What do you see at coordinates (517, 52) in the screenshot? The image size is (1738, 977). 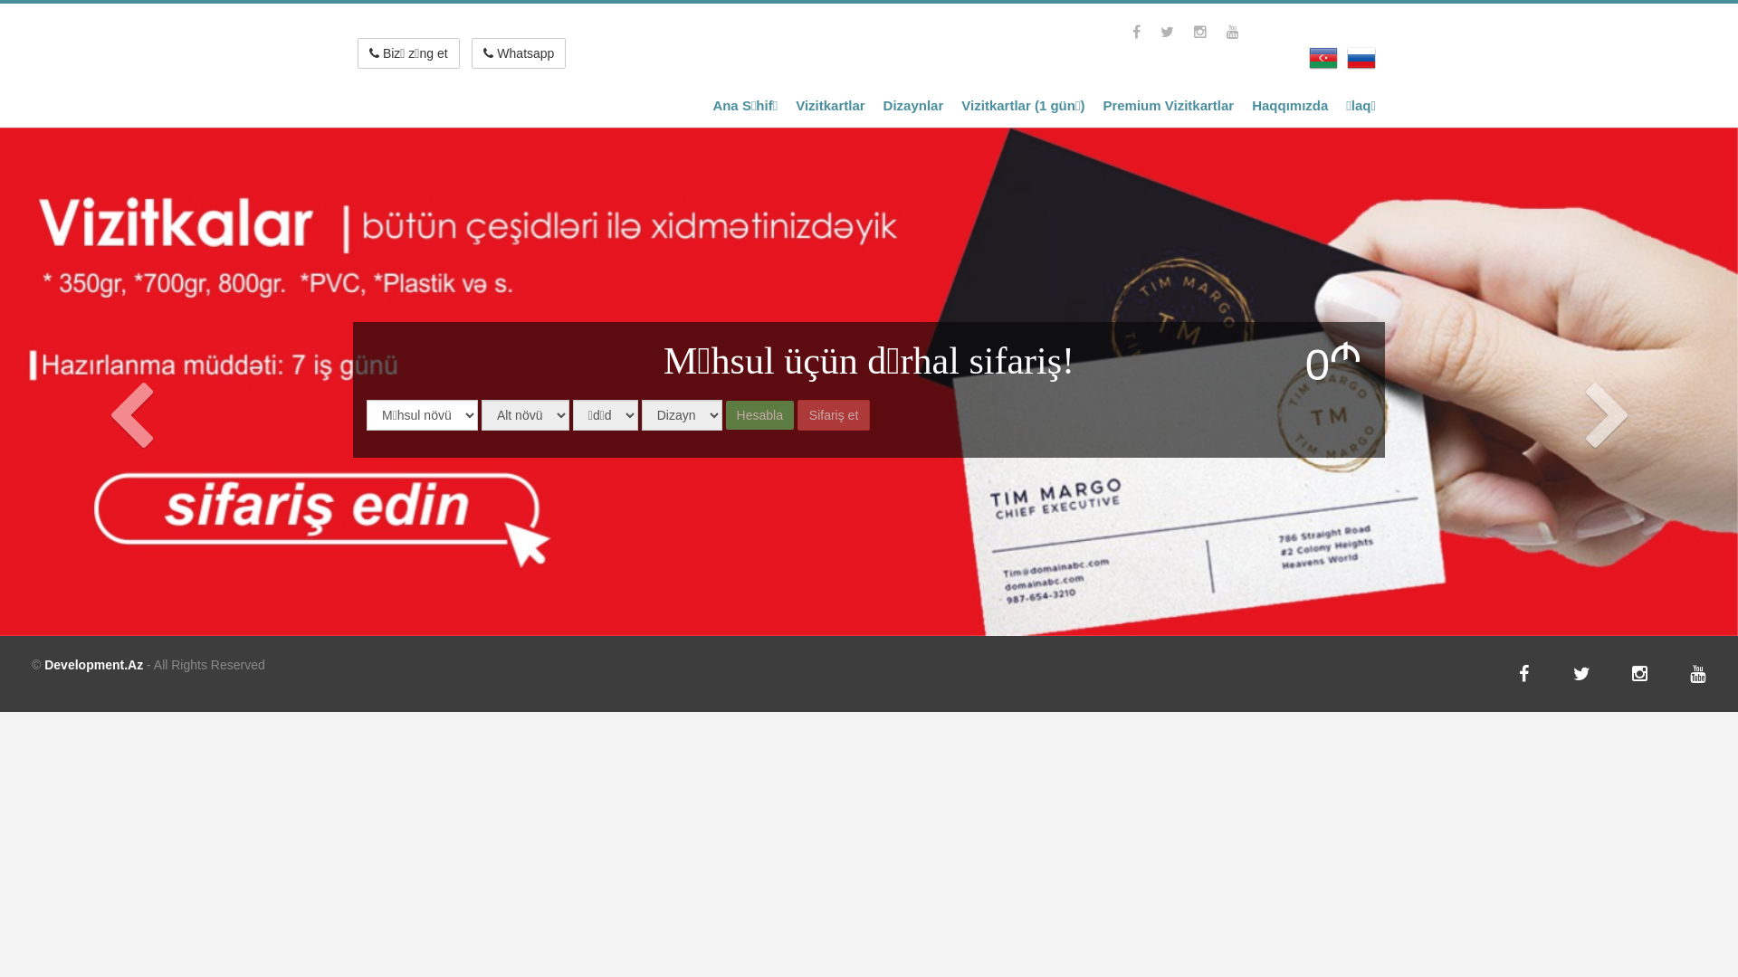 I see `'Whatsapp'` at bounding box center [517, 52].